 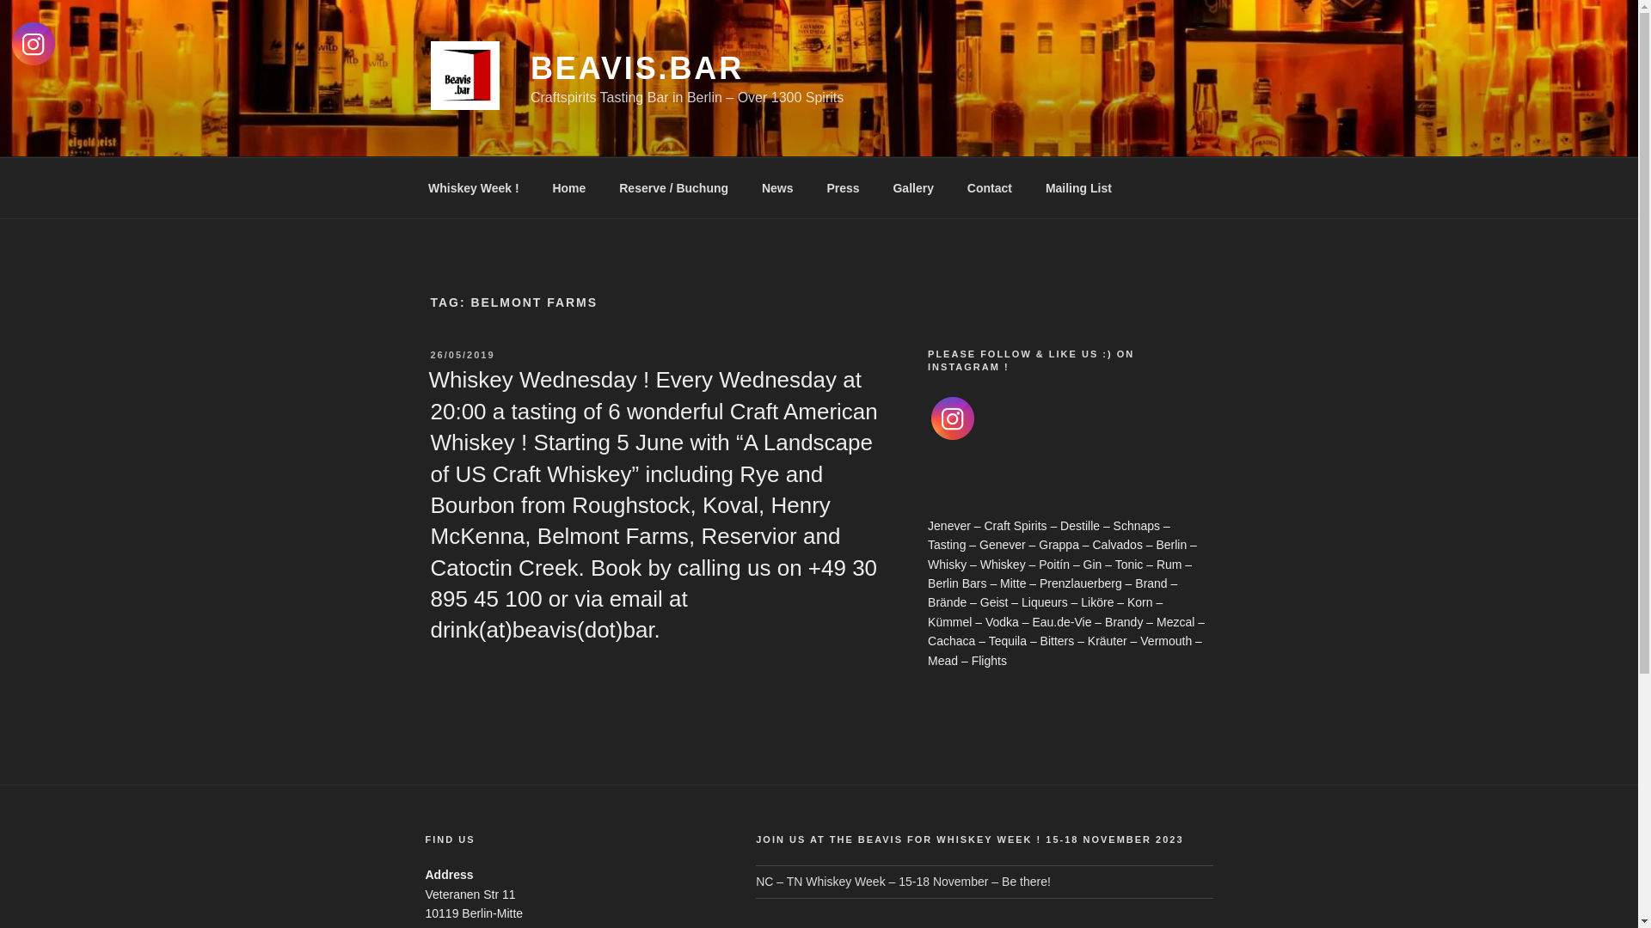 I want to click on 'Instagram', so click(x=12, y=42).